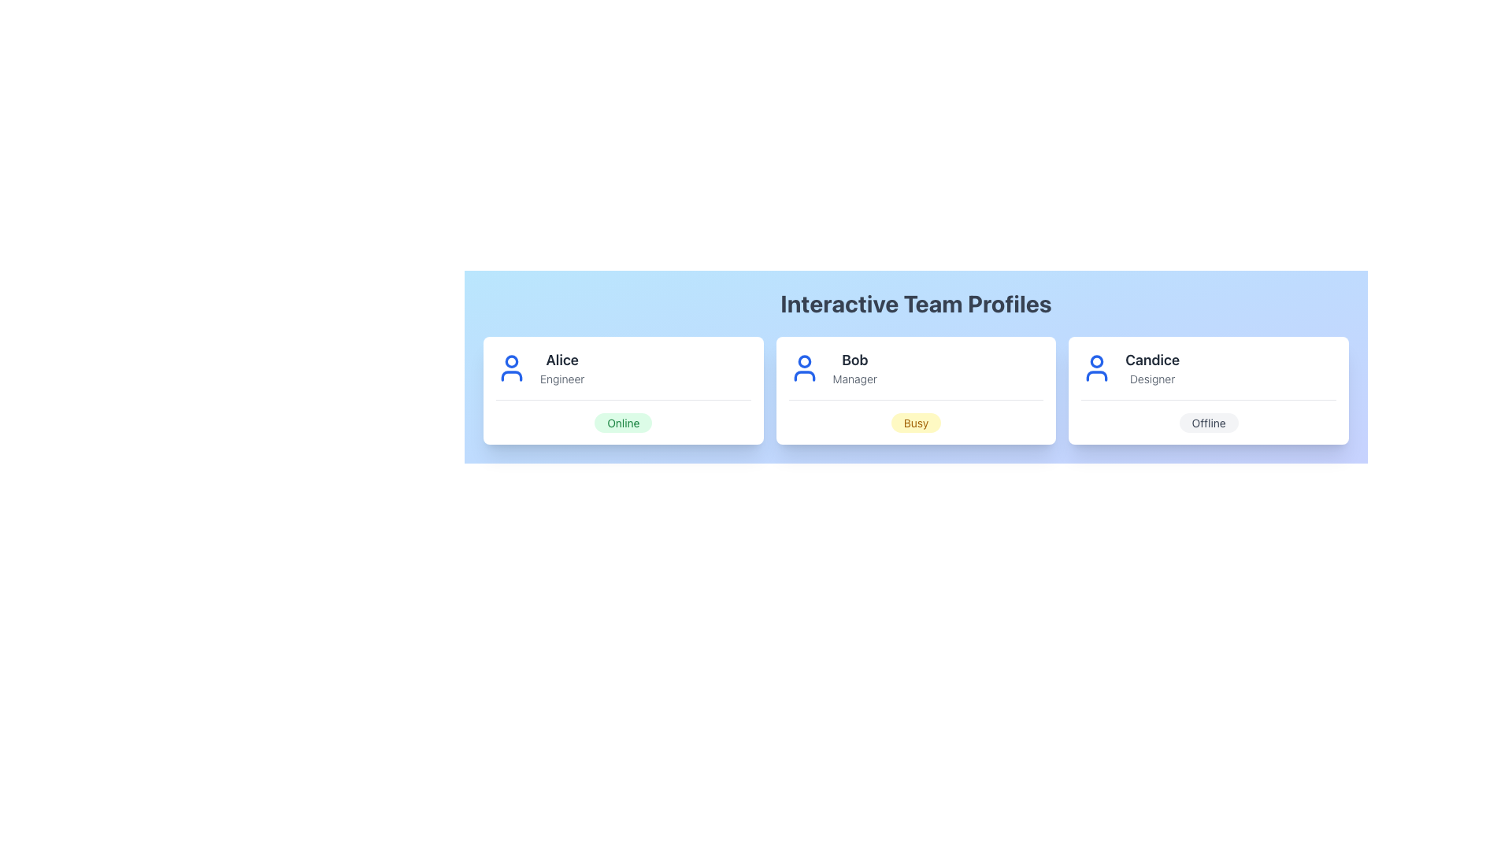  I want to click on the outlined blue user icon located at the top-left corner of Candice's profile card, above the text 'Candice' and 'Designer', so click(1096, 368).